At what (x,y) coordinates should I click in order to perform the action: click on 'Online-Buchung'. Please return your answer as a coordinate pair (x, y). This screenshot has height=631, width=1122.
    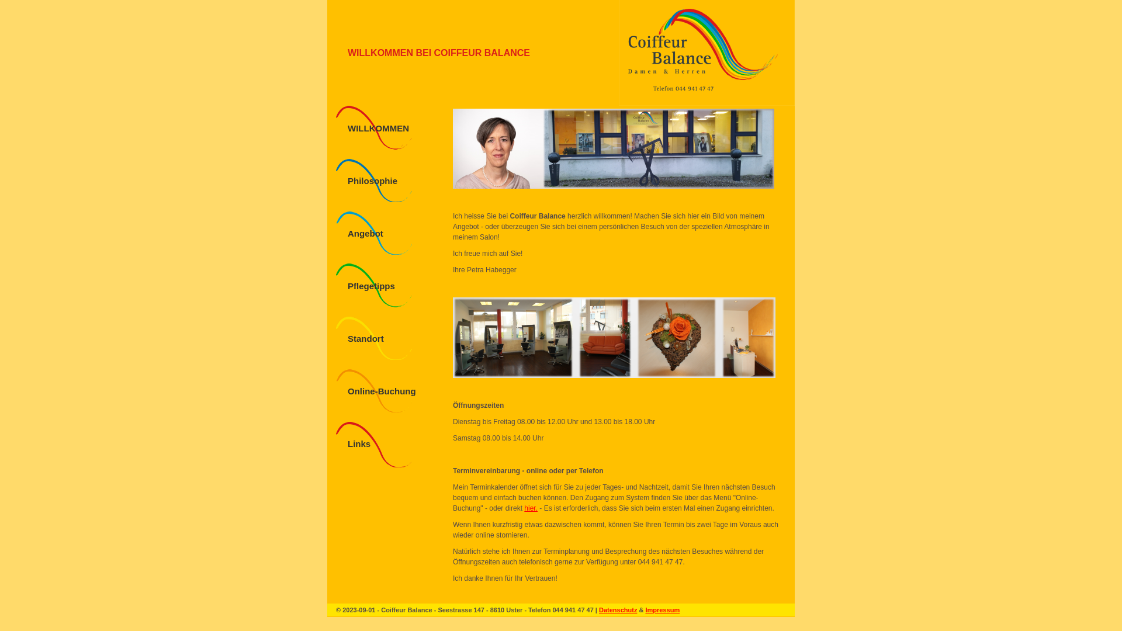
    Looking at the image, I should click on (382, 391).